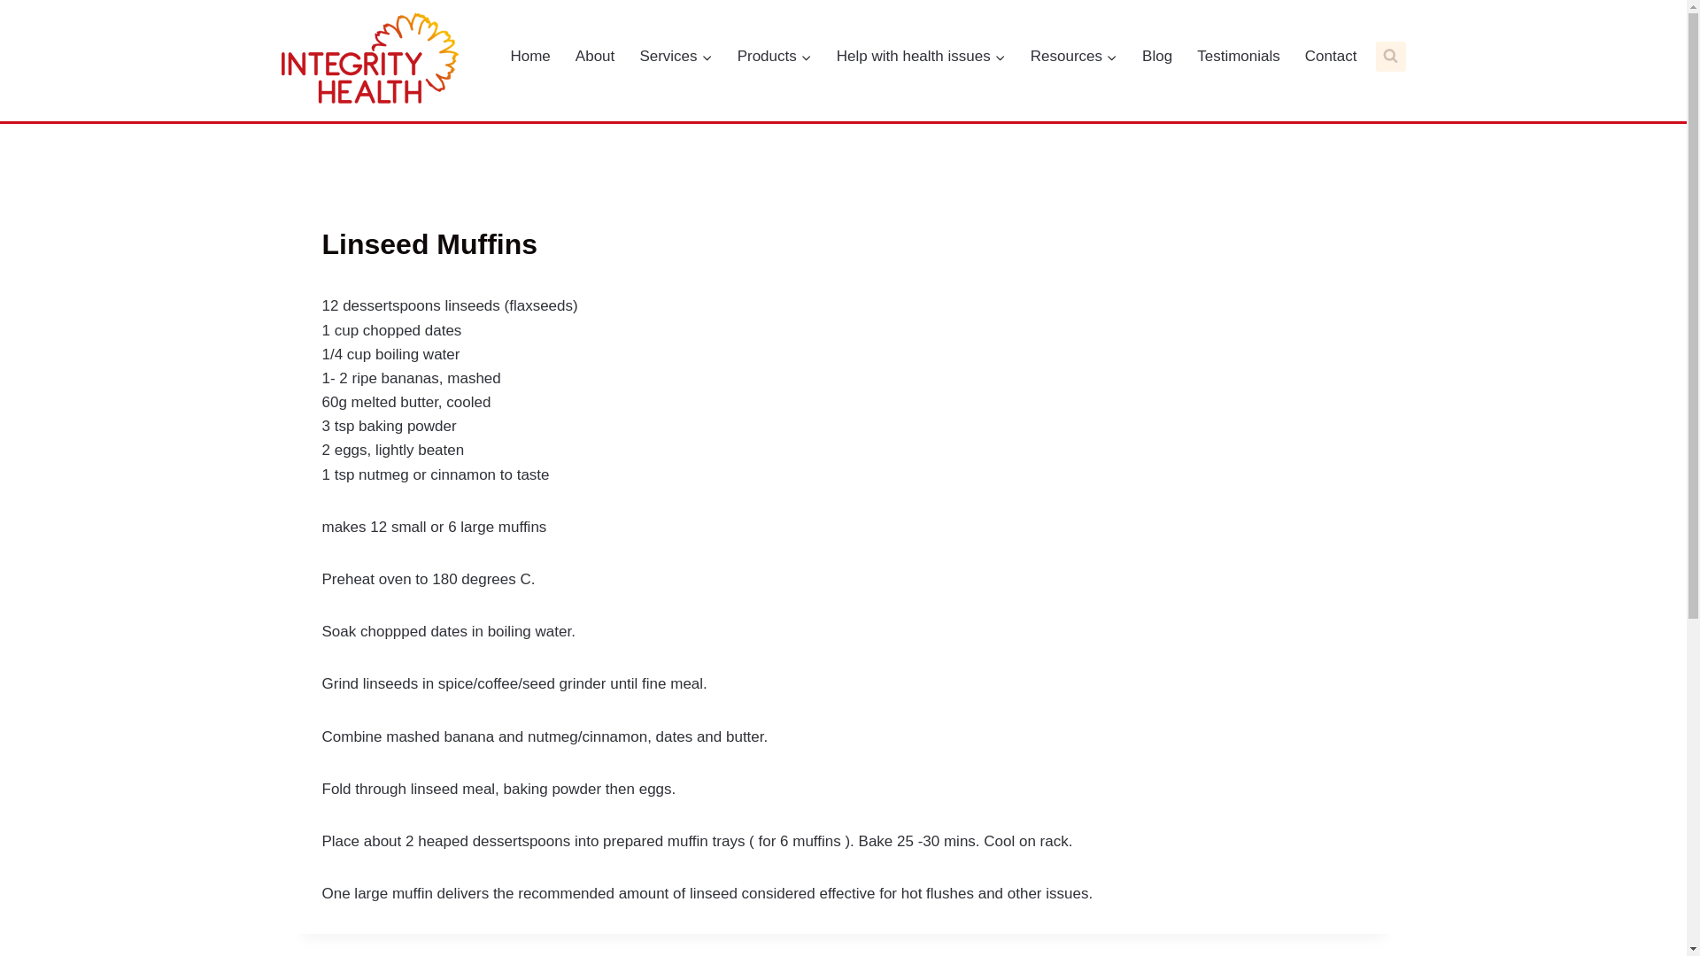  What do you see at coordinates (826, 56) in the screenshot?
I see `'Help with health issues'` at bounding box center [826, 56].